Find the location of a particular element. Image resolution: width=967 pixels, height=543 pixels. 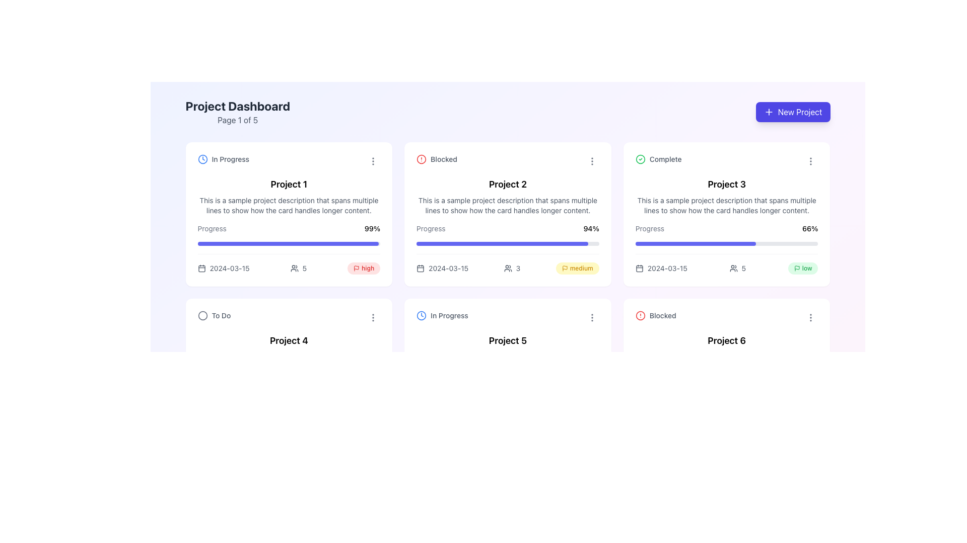

the Text Label that identifies the project card, located in the center of the second card from the left in the upper row of the grid layout is located at coordinates (508, 184).